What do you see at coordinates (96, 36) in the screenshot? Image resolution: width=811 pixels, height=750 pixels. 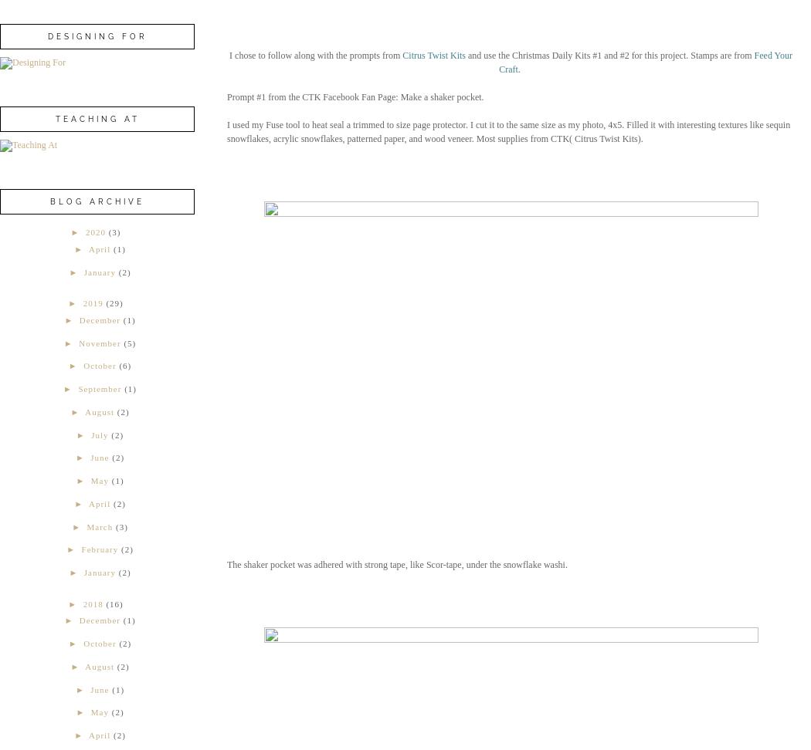 I see `'Designing For'` at bounding box center [96, 36].